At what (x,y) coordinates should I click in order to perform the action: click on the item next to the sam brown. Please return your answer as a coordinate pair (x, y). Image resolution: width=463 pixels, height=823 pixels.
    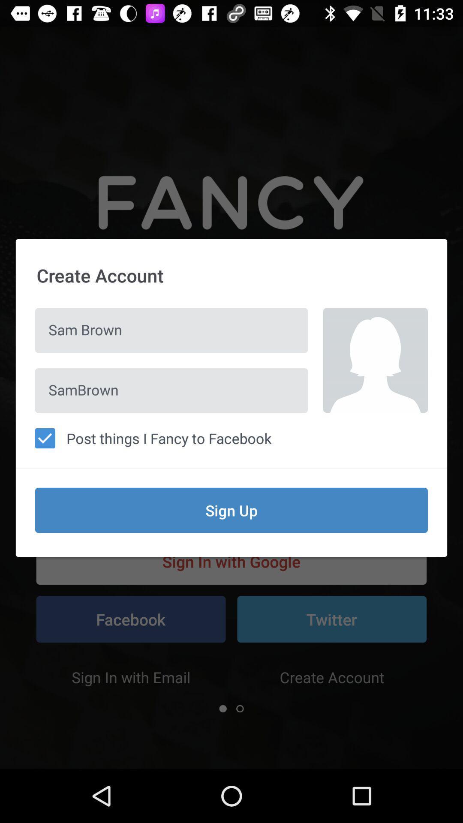
    Looking at the image, I should click on (375, 360).